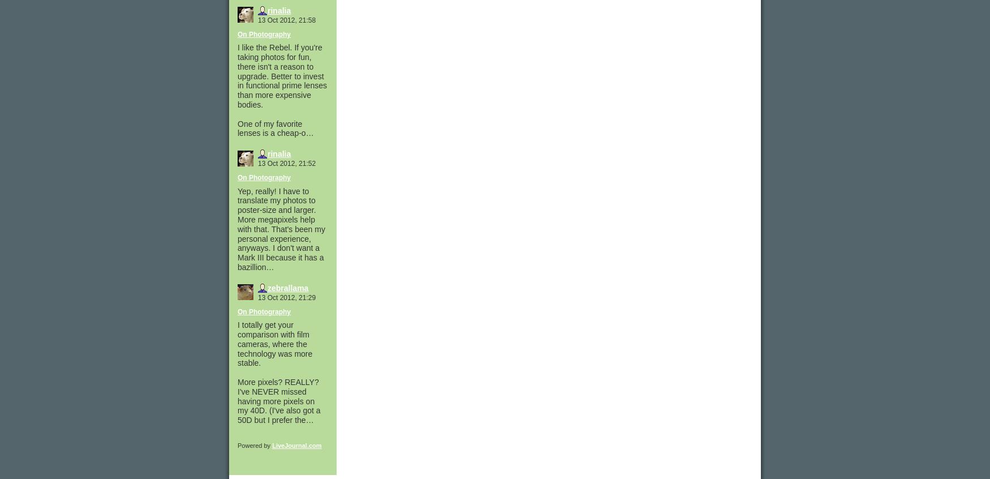  Describe the element at coordinates (278, 400) in the screenshot. I see `'More pixels? REALLY? I've NEVER missed having more pixels on my 40D. (I've also got a 50D but I prefer the…'` at that location.